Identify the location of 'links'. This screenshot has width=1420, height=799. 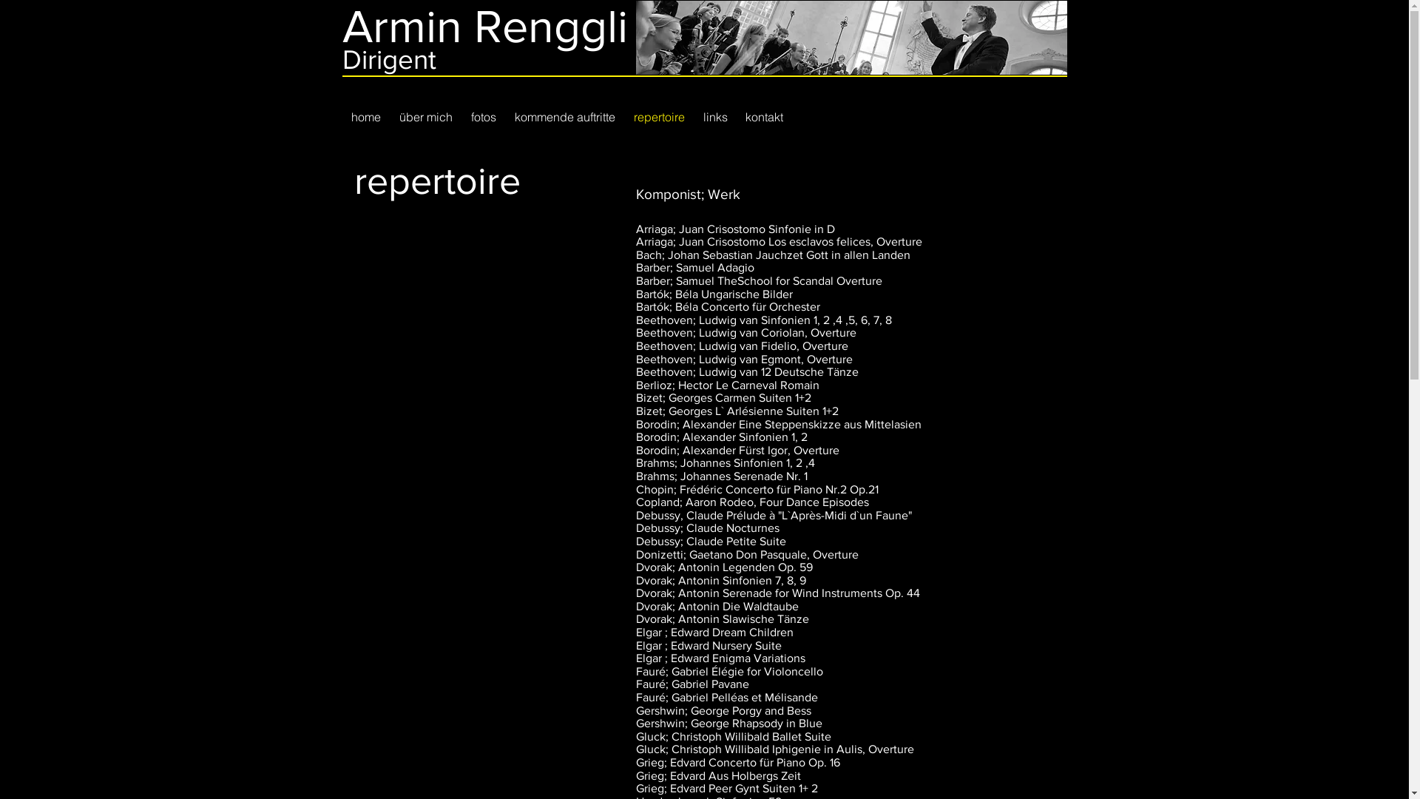
(714, 116).